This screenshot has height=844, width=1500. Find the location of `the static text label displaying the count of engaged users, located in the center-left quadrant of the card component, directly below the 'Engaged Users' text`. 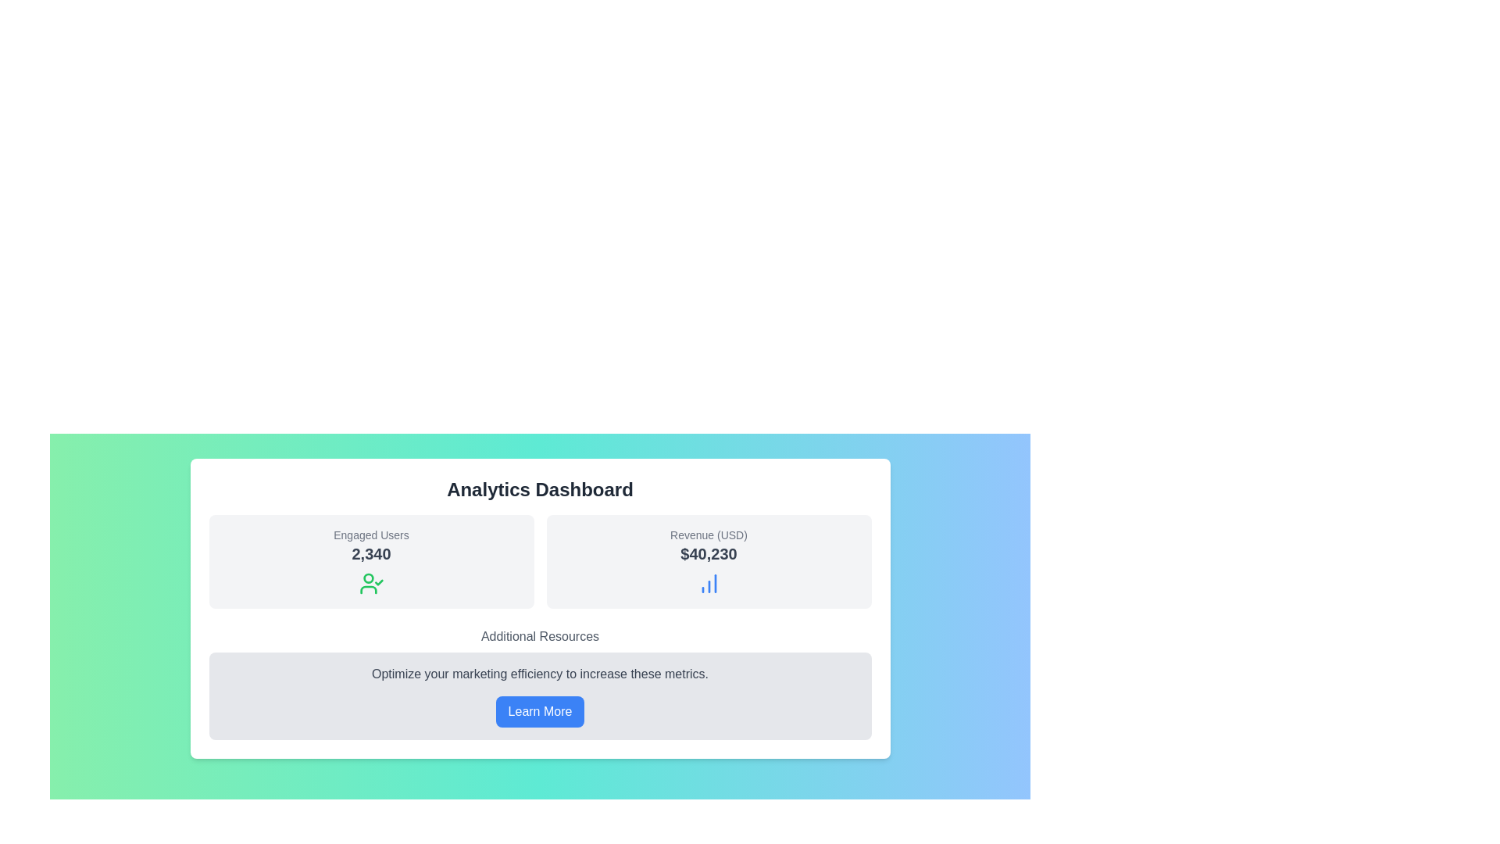

the static text label displaying the count of engaged users, located in the center-left quadrant of the card component, directly below the 'Engaged Users' text is located at coordinates (370, 553).